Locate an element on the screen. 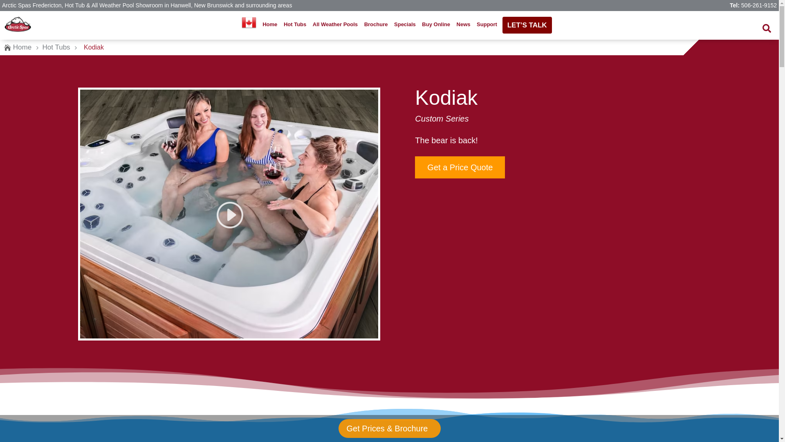 Image resolution: width=785 pixels, height=442 pixels. 'Choose Your Location' is located at coordinates (249, 22).